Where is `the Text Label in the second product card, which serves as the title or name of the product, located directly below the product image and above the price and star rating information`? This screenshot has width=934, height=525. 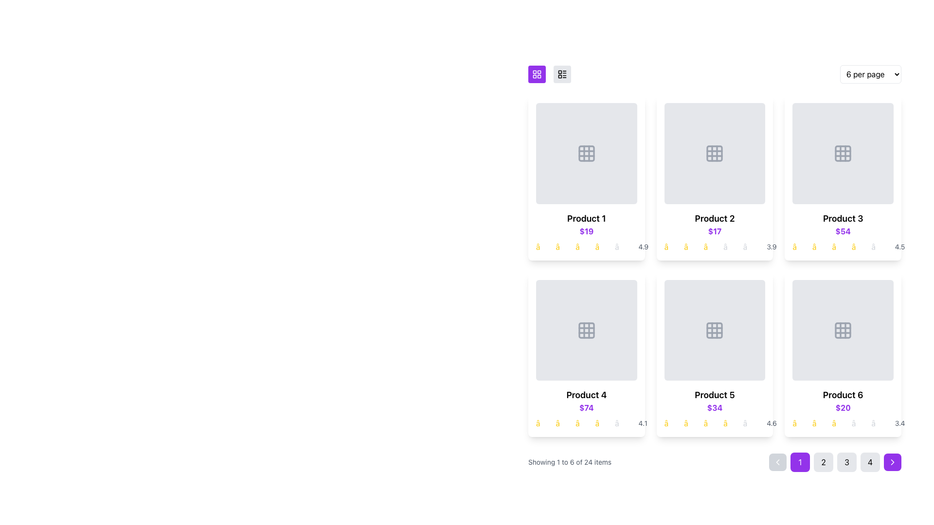 the Text Label in the second product card, which serves as the title or name of the product, located directly below the product image and above the price and star rating information is located at coordinates (715, 218).